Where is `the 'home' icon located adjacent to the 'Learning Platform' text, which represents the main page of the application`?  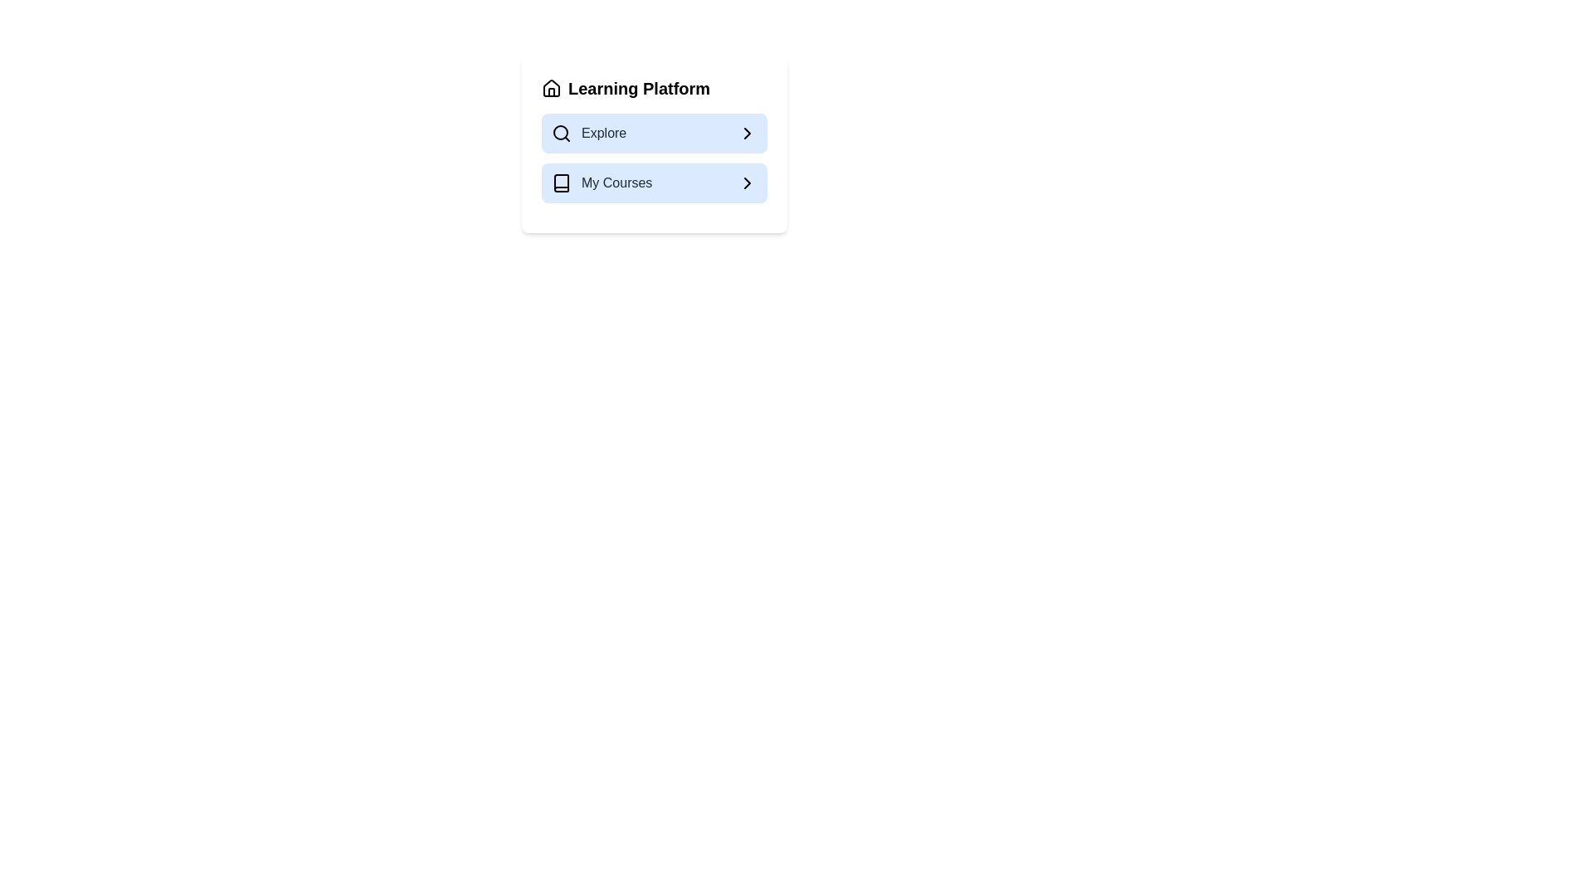 the 'home' icon located adjacent to the 'Learning Platform' text, which represents the main page of the application is located at coordinates (552, 87).